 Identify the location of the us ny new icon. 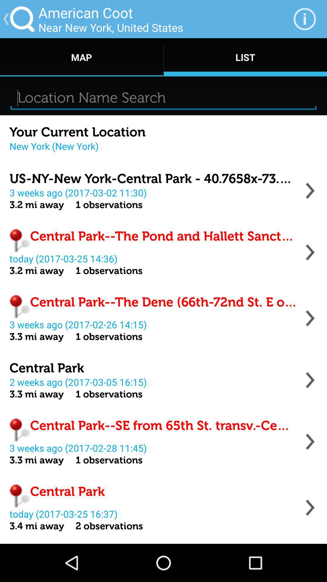
(153, 178).